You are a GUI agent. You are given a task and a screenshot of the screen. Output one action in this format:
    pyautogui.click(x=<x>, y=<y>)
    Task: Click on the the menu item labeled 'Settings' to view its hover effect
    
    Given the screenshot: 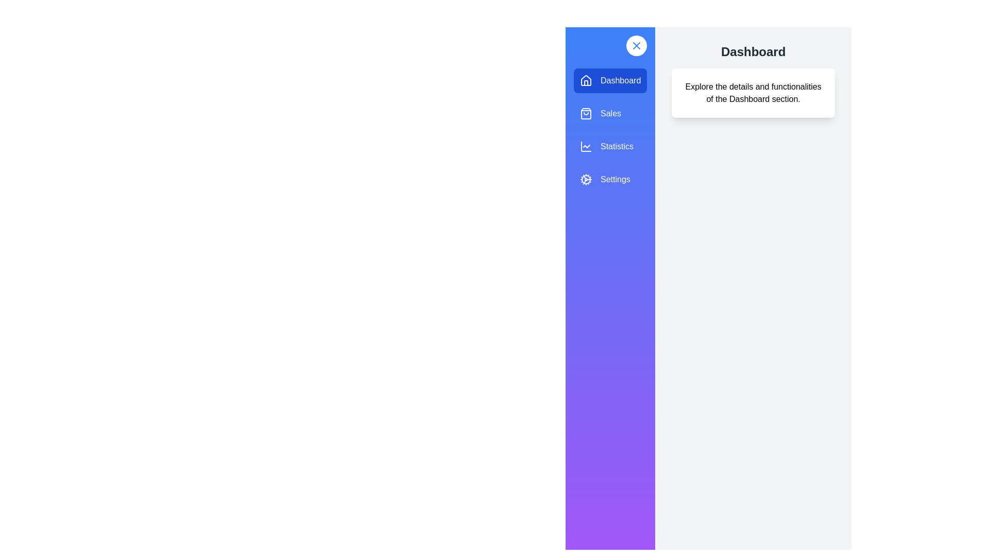 What is the action you would take?
    pyautogui.click(x=610, y=179)
    